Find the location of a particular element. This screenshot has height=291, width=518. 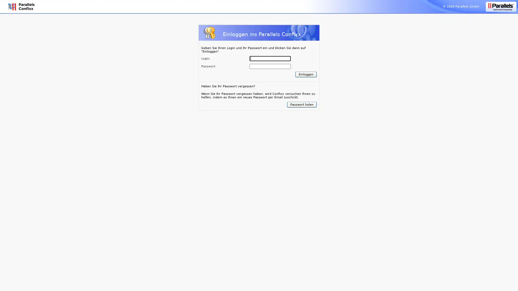

Submit is located at coordinates (297, 74).